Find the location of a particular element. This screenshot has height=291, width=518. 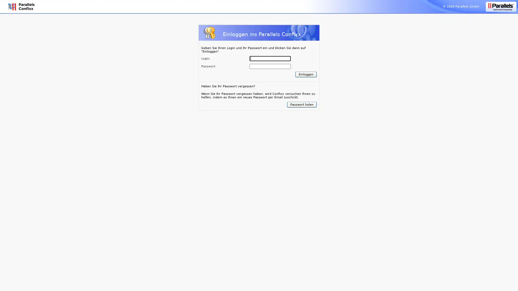

Submit is located at coordinates (297, 74).